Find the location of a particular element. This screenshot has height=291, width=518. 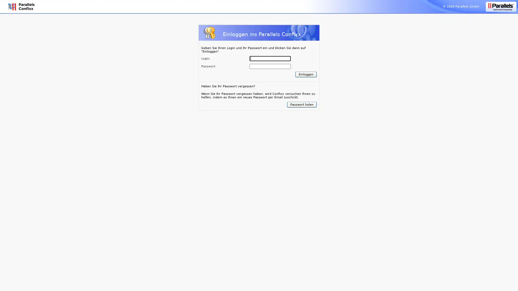

Submit is located at coordinates (297, 74).